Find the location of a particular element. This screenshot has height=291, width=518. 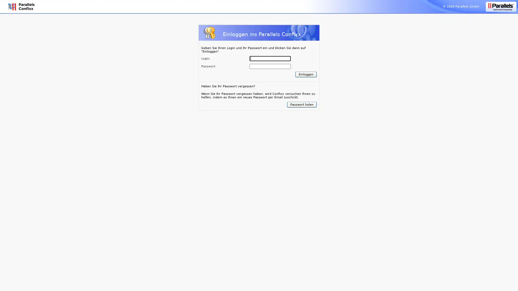

Submit is located at coordinates (297, 74).